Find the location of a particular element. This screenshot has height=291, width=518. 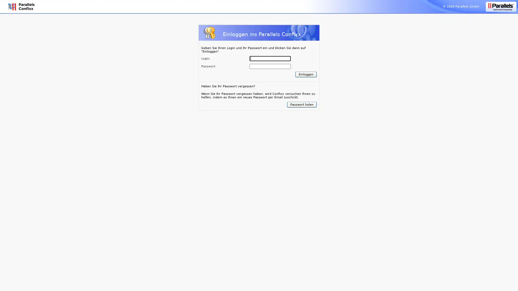

Submit is located at coordinates (297, 74).